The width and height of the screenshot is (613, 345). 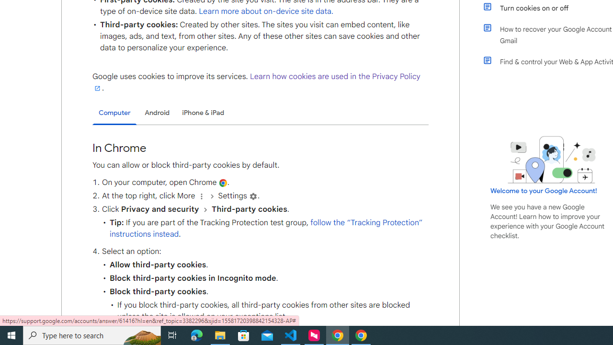 What do you see at coordinates (203, 112) in the screenshot?
I see `'iPhone & iPad'` at bounding box center [203, 112].